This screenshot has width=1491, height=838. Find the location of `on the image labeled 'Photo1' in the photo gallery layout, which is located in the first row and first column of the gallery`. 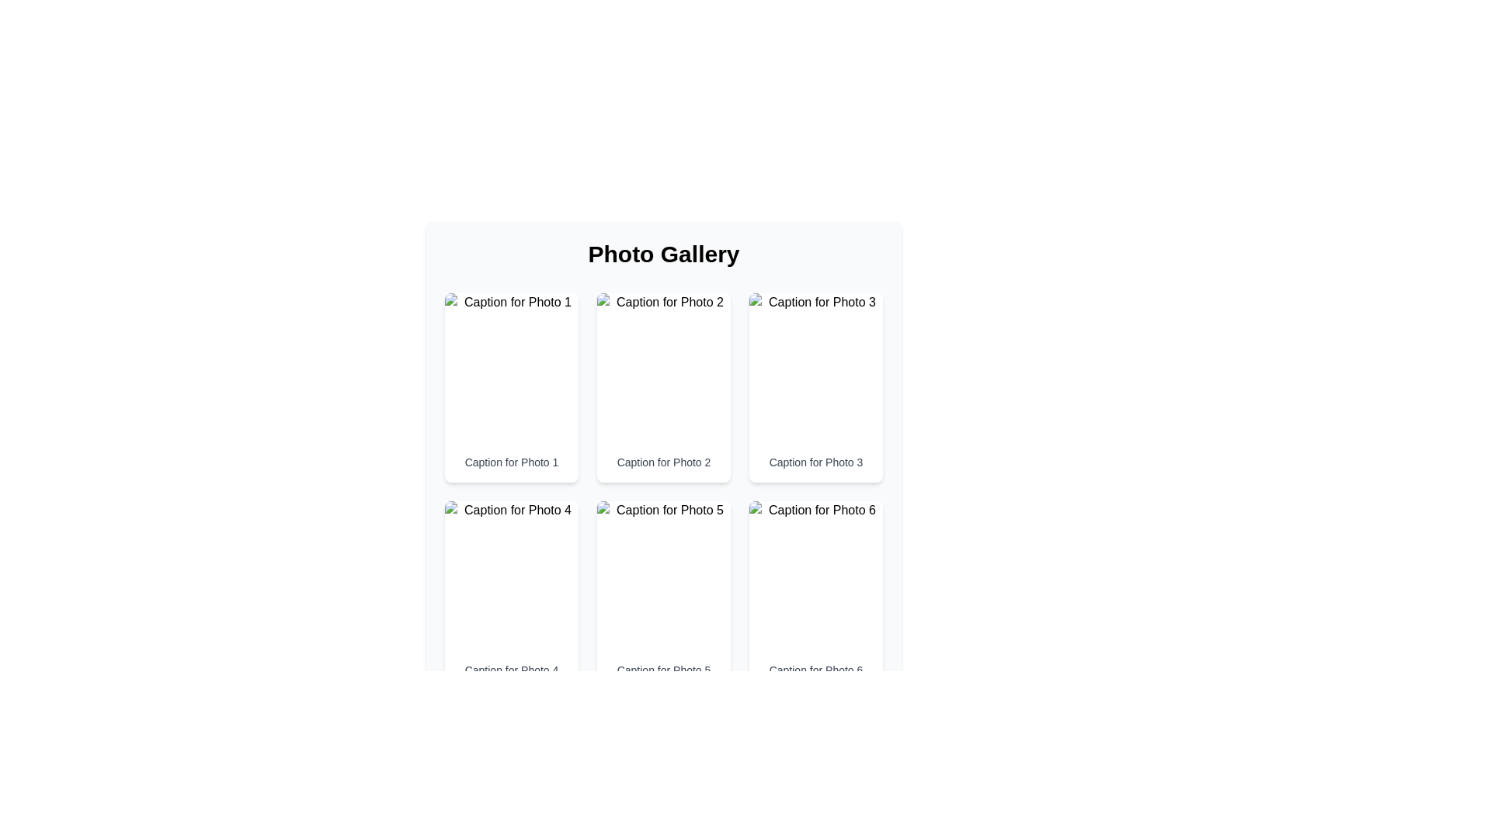

on the image labeled 'Photo1' in the photo gallery layout, which is located in the first row and first column of the gallery is located at coordinates (511, 368).